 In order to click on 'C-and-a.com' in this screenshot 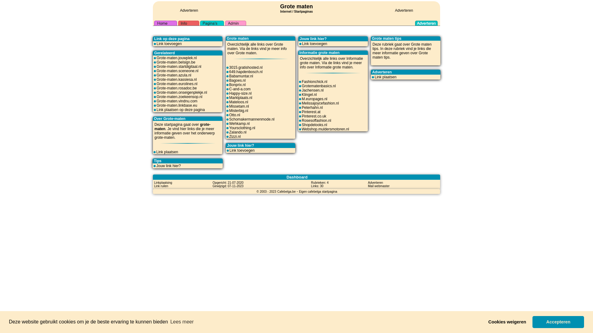, I will do `click(239, 89)`.